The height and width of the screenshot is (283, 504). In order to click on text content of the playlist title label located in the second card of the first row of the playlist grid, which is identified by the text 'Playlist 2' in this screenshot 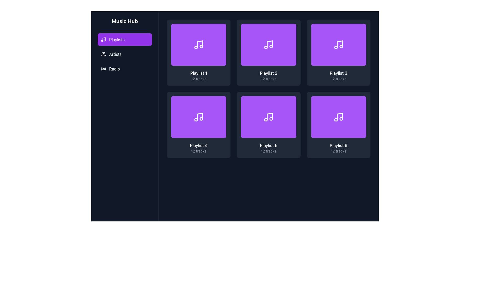, I will do `click(269, 73)`.